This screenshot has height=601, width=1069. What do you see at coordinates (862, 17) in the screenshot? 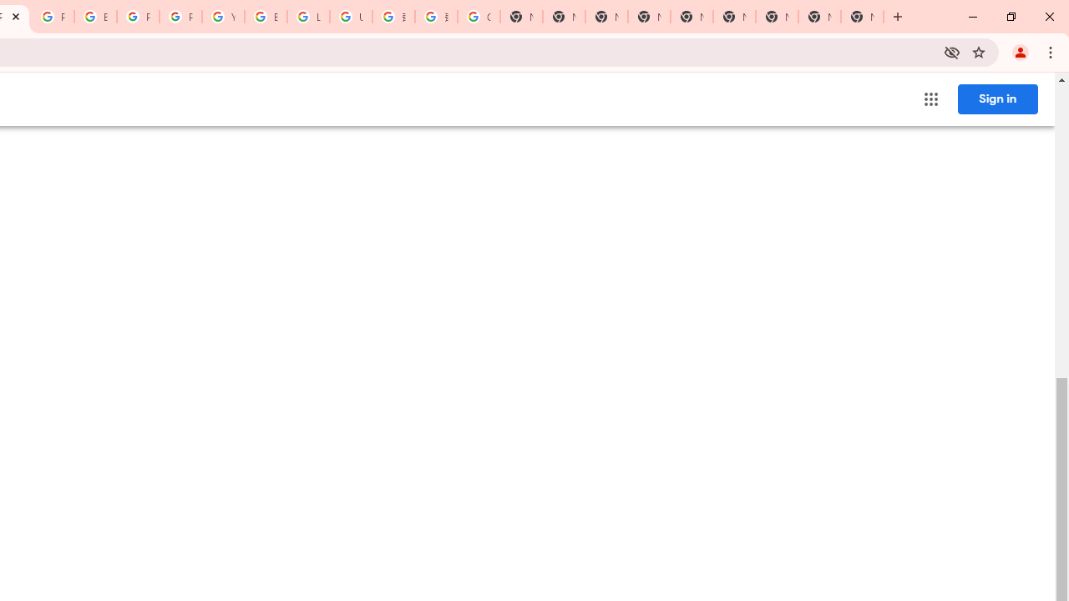
I see `'New Tab'` at bounding box center [862, 17].